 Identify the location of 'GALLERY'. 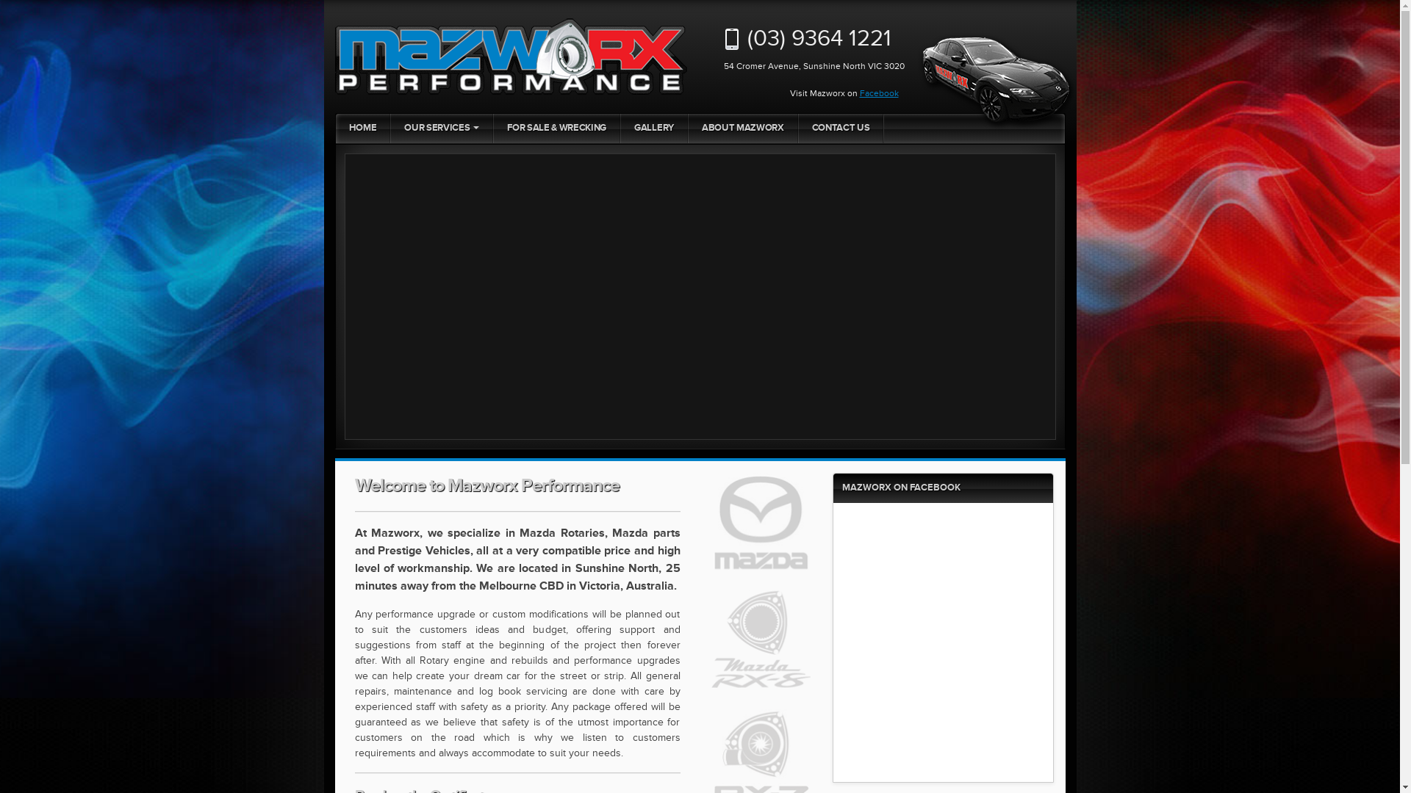
(620, 127).